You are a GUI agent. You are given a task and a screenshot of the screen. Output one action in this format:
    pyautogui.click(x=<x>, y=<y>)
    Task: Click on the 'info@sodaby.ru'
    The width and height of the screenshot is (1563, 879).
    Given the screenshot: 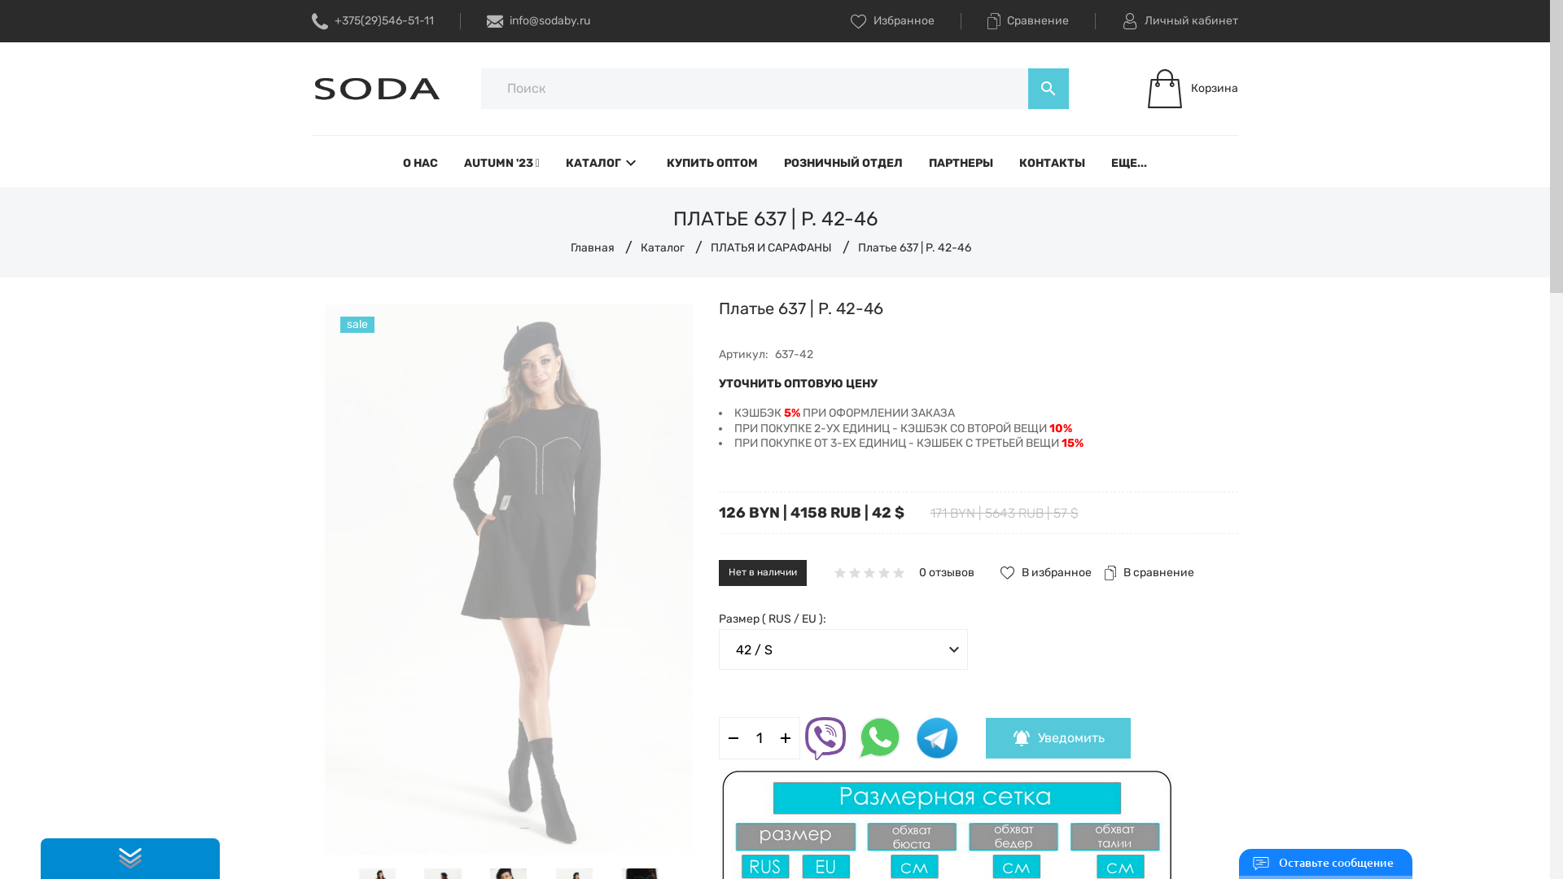 What is the action you would take?
    pyautogui.click(x=538, y=21)
    